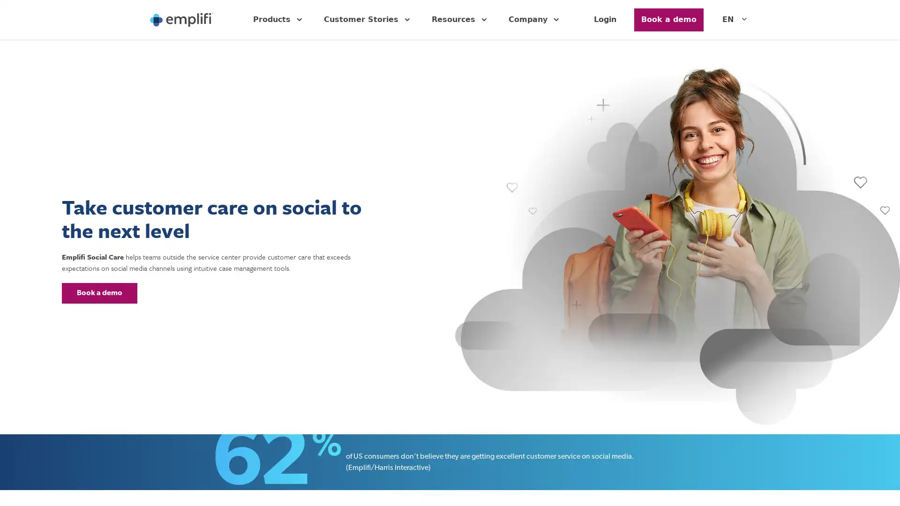 The width and height of the screenshot is (900, 506). What do you see at coordinates (368, 20) in the screenshot?
I see `Customer Stories` at bounding box center [368, 20].